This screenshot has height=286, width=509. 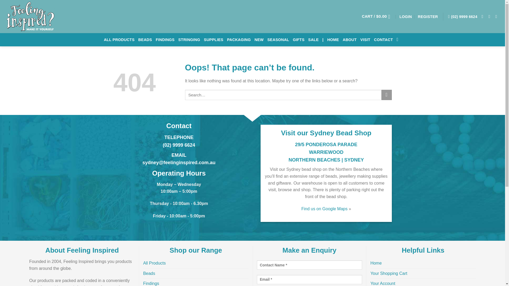 I want to click on 'Follow on Instagram', so click(x=490, y=16).